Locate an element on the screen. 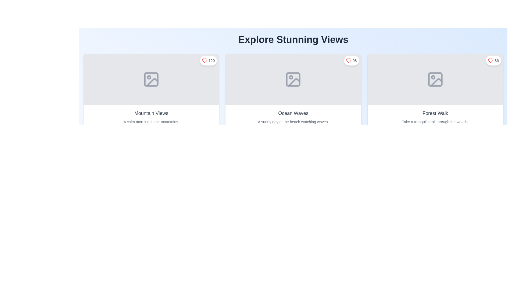 Image resolution: width=516 pixels, height=290 pixels. the icon located in the center of the third card labeled 'Forest Walk' for possible interactions is located at coordinates (435, 79).